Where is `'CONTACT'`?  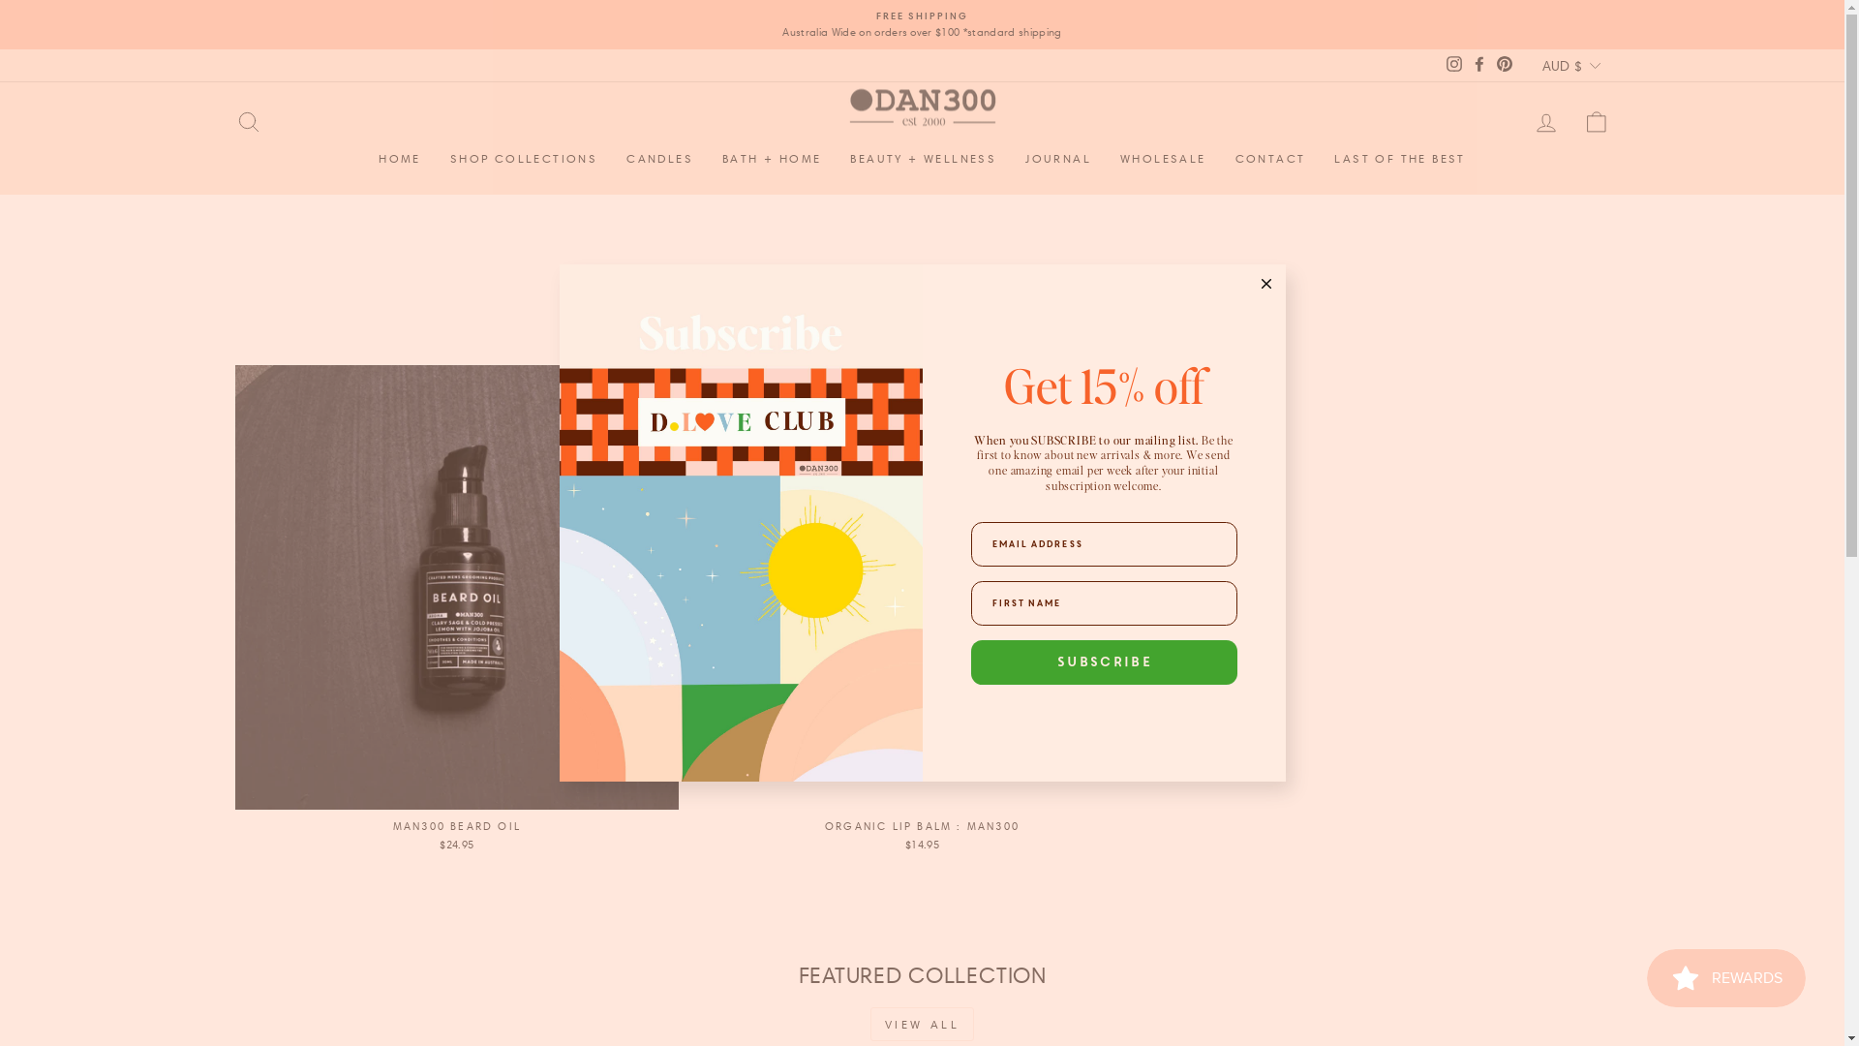
'CONTACT' is located at coordinates (1220, 158).